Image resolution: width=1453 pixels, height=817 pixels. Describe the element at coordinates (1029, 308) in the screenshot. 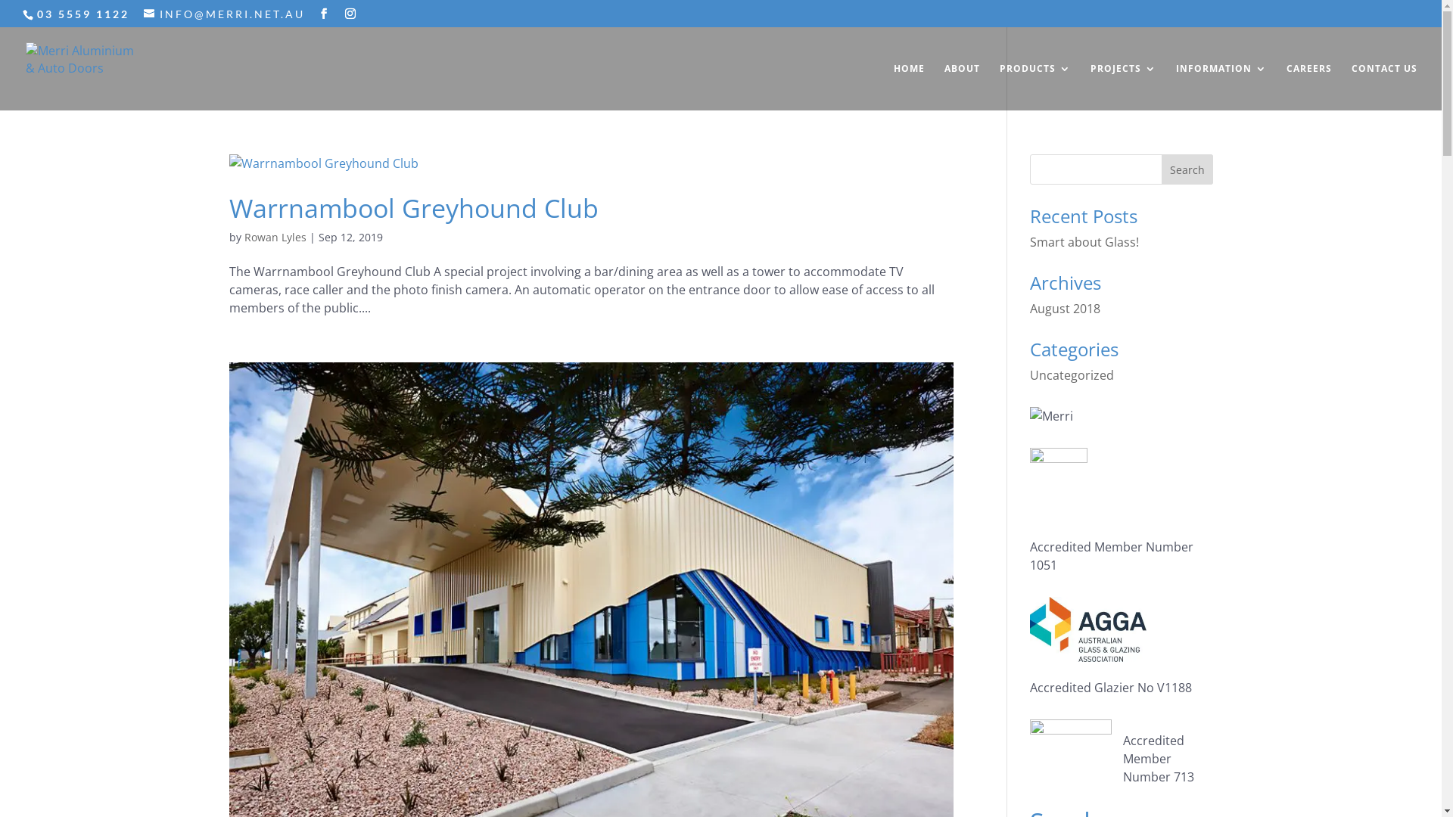

I see `'August 2018'` at that location.